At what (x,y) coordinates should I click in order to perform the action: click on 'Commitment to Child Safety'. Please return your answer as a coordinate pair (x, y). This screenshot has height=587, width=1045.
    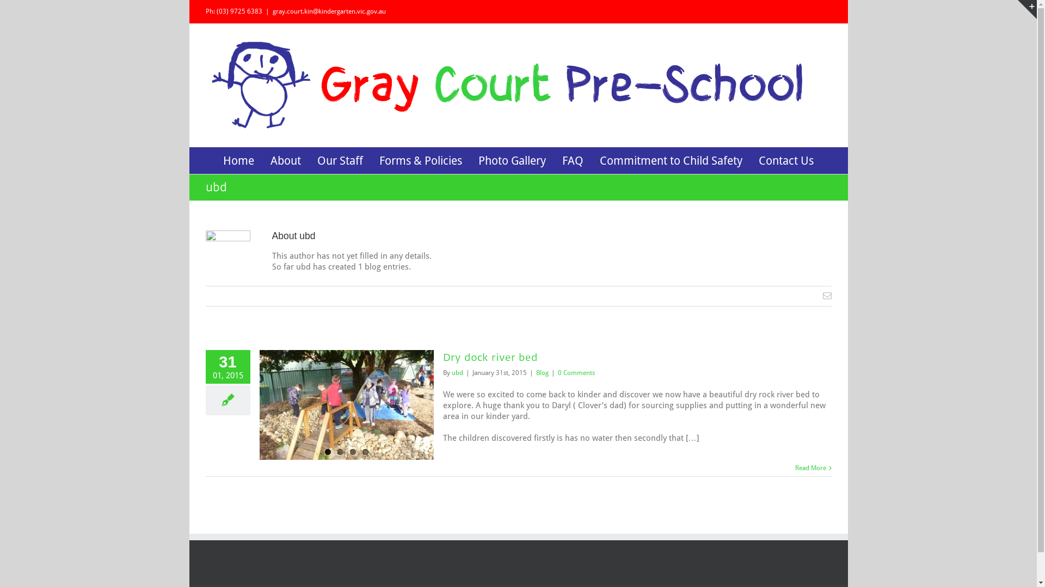
    Looking at the image, I should click on (671, 160).